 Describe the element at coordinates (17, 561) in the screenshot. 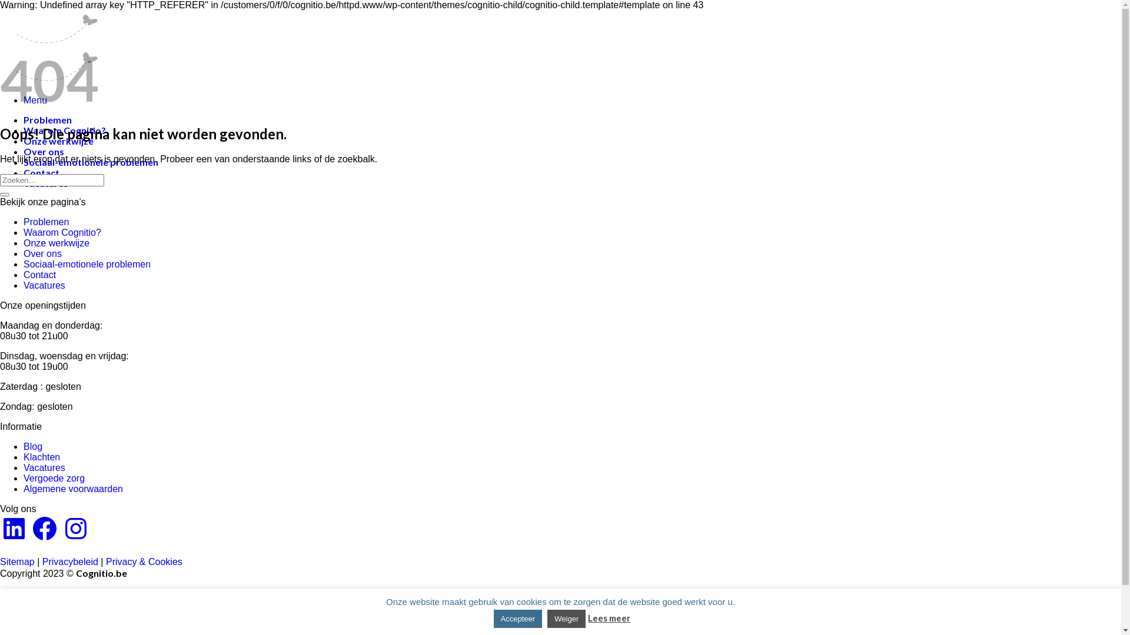

I see `'Sitemap'` at that location.